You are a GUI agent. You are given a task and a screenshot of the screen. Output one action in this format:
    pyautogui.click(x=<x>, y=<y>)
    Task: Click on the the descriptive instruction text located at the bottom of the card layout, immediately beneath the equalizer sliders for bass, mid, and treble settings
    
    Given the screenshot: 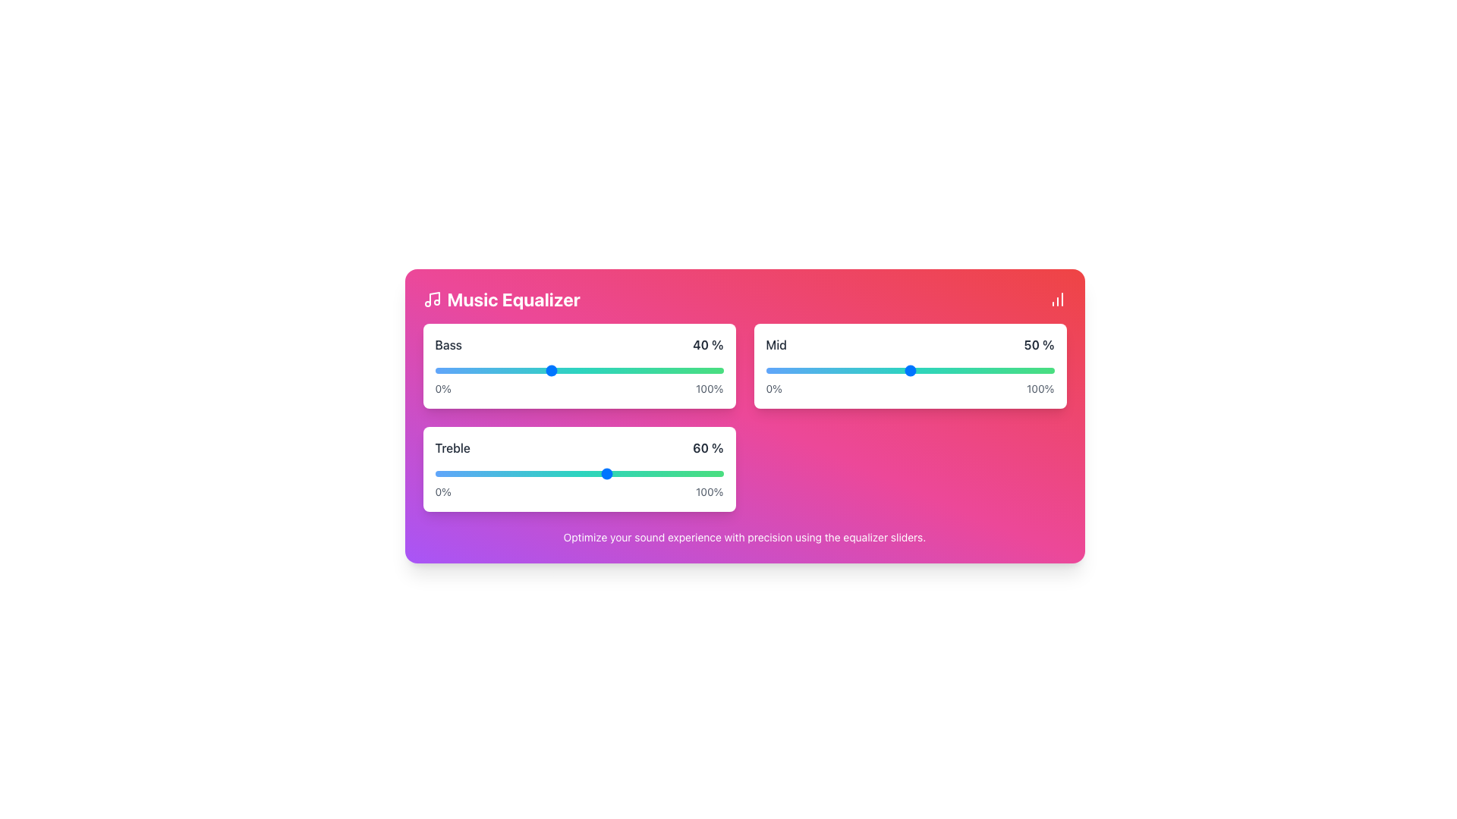 What is the action you would take?
    pyautogui.click(x=744, y=537)
    